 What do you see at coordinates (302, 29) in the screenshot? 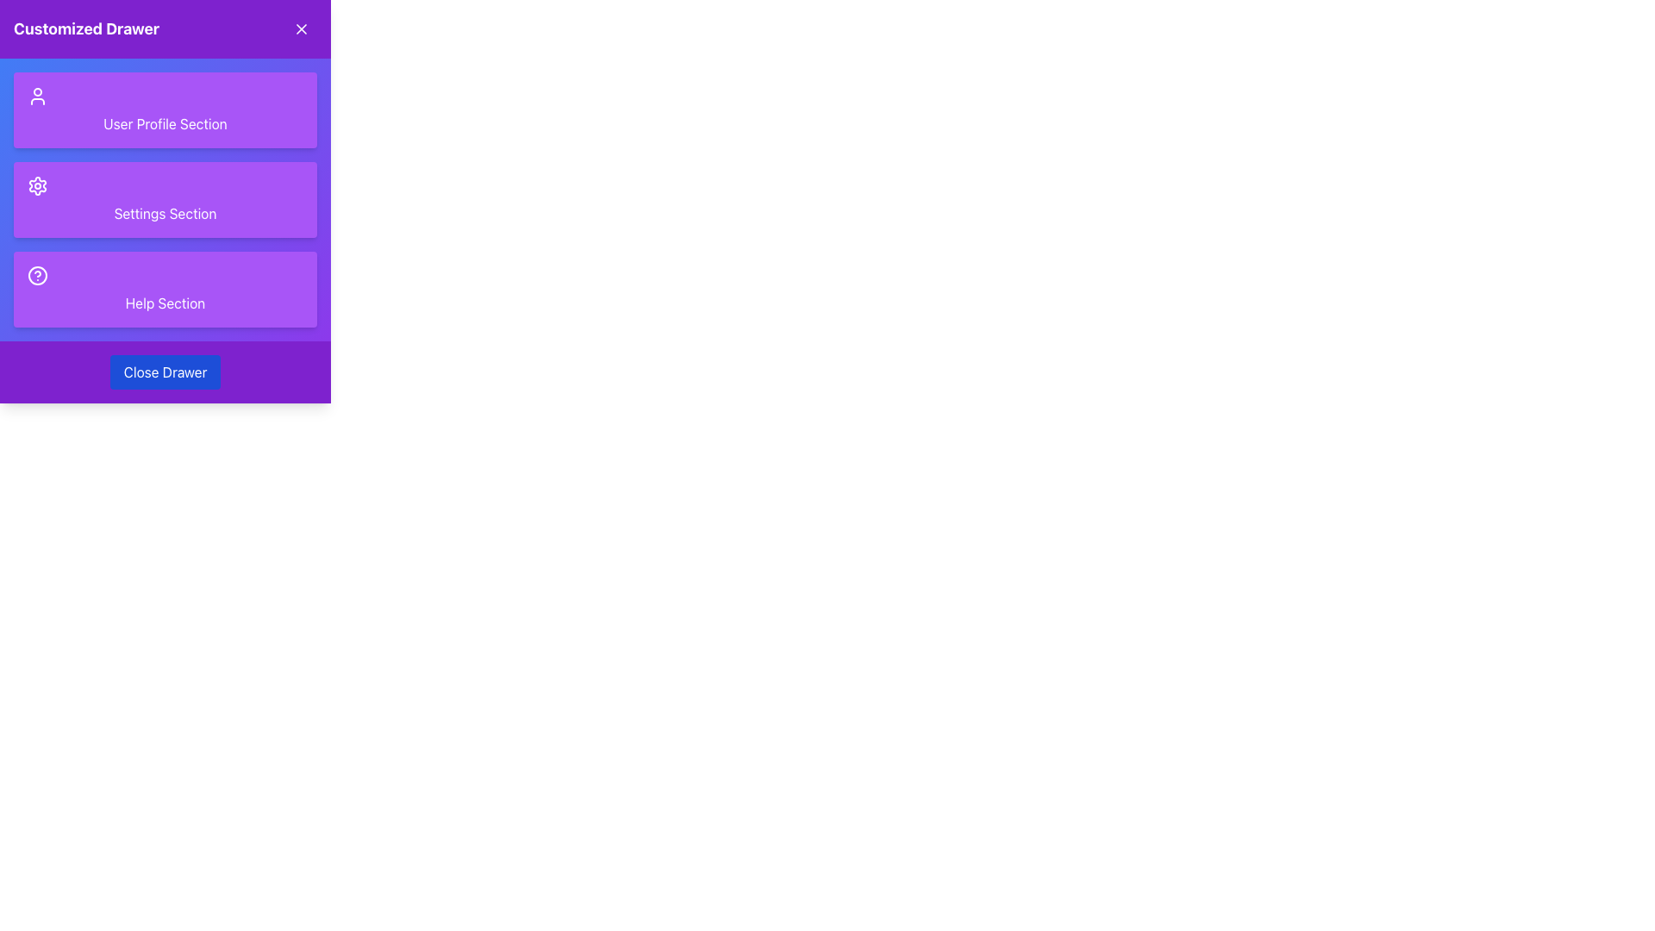
I see `the icon button located in the upper-right corner of the purple header section titled 'Customized Drawer'` at bounding box center [302, 29].